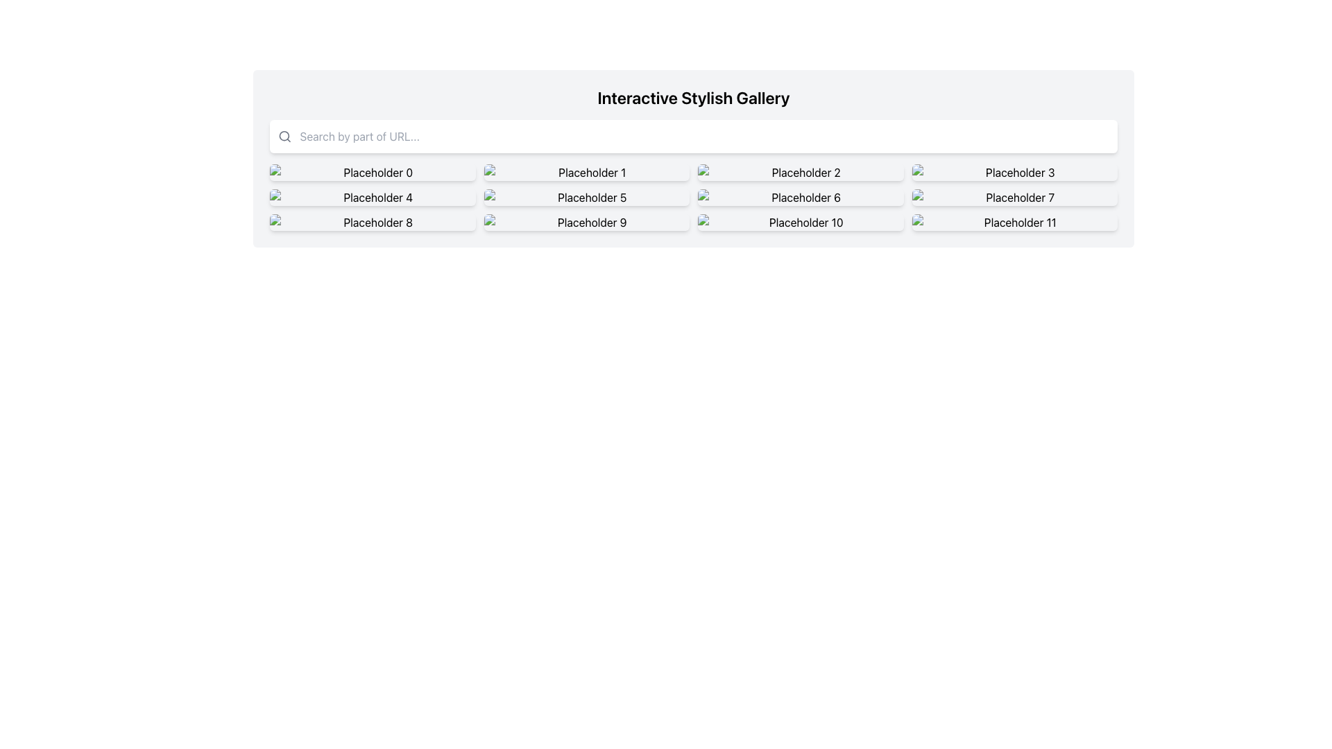  Describe the element at coordinates (586, 221) in the screenshot. I see `the card element located in the third row, second column of the grid, which serves as a visual or functional placeholder for content previews or links` at that location.